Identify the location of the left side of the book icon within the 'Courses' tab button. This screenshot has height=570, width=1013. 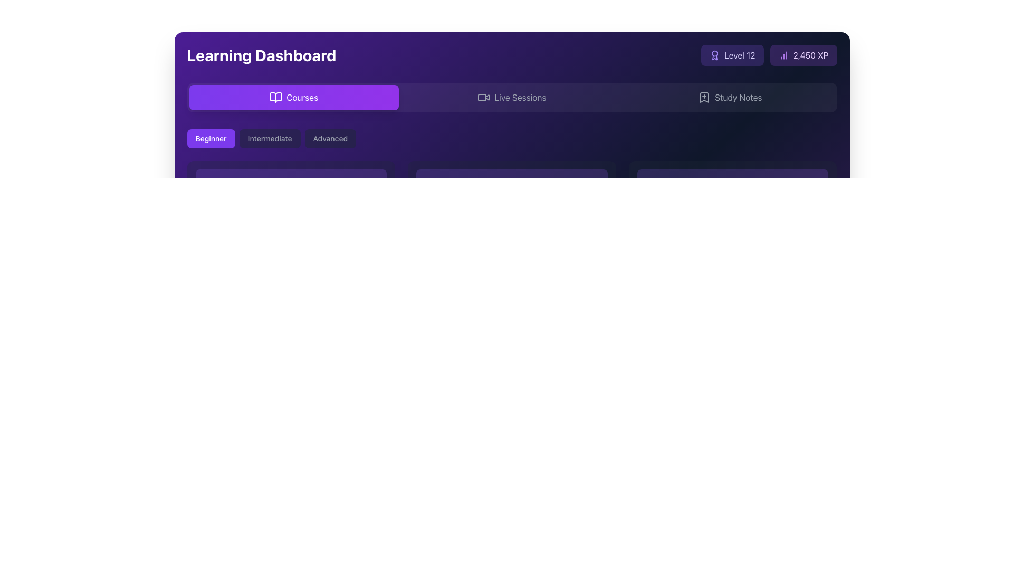
(276, 98).